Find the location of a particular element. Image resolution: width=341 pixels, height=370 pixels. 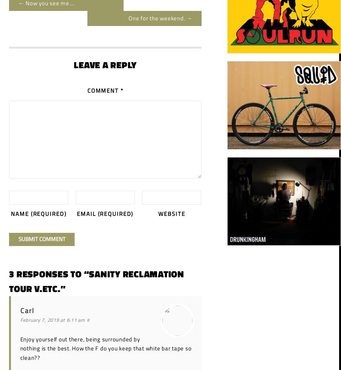

'February 7, 2019 at 6:11 am' is located at coordinates (52, 320).